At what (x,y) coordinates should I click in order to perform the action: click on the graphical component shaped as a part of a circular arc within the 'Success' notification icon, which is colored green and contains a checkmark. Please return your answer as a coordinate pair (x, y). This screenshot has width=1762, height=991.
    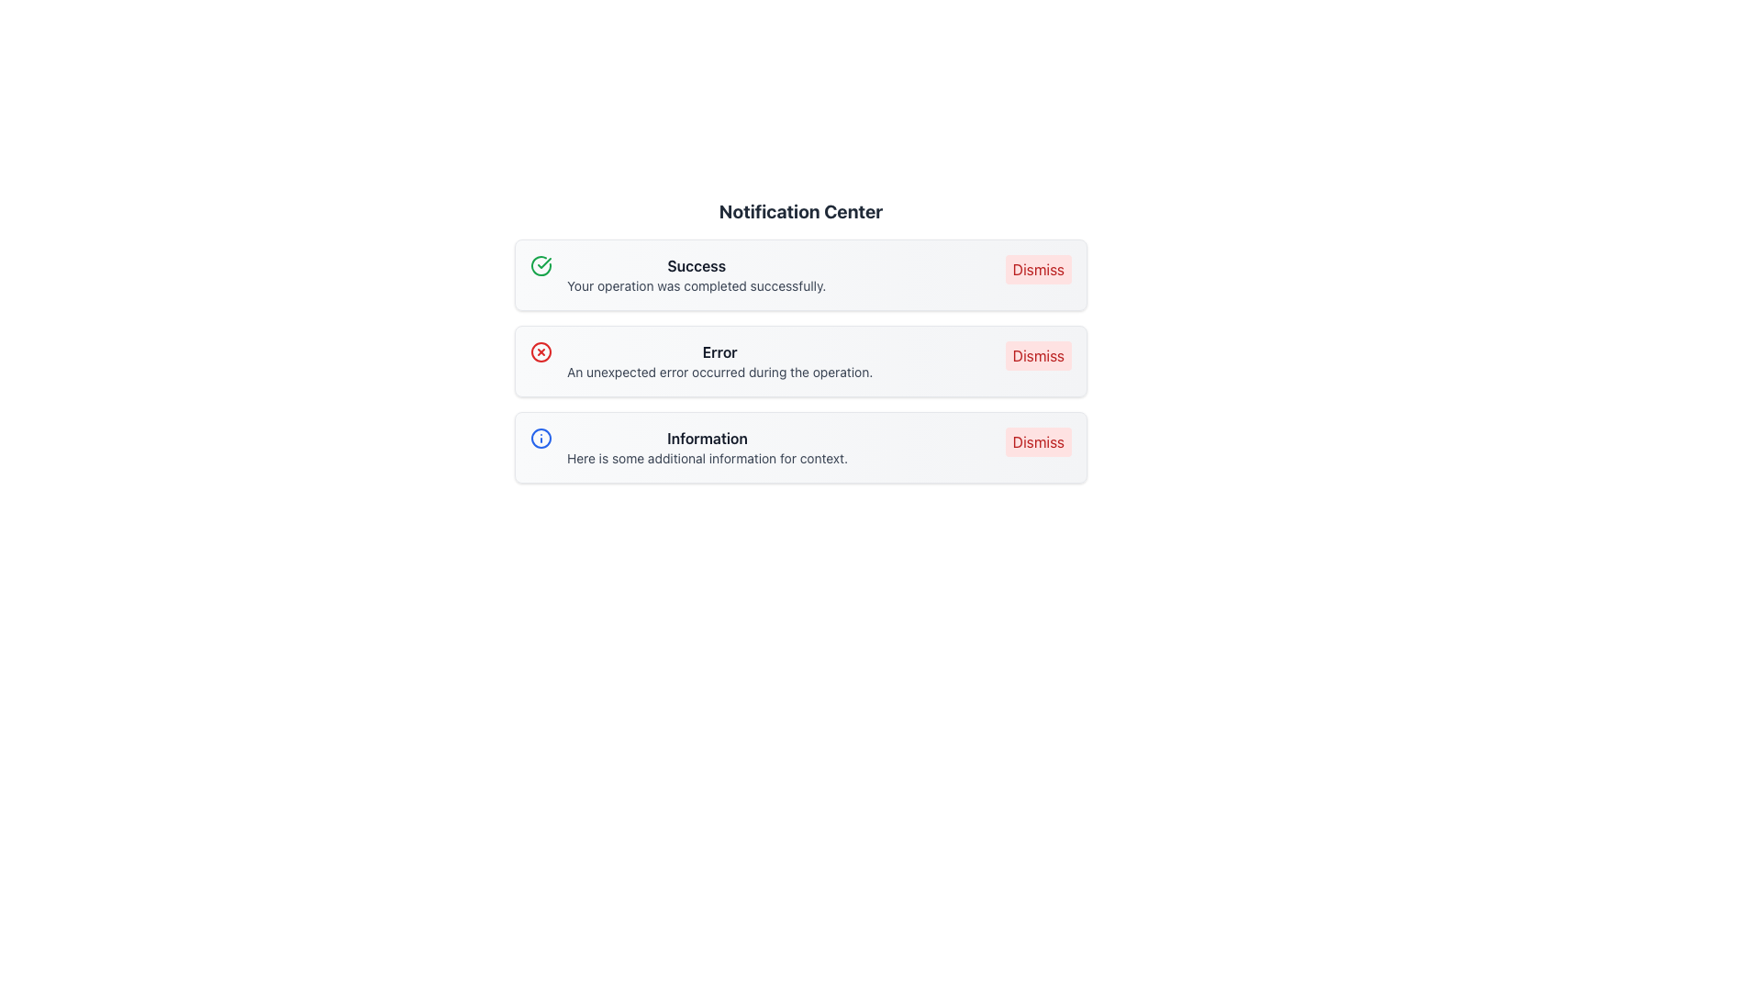
    Looking at the image, I should click on (541, 265).